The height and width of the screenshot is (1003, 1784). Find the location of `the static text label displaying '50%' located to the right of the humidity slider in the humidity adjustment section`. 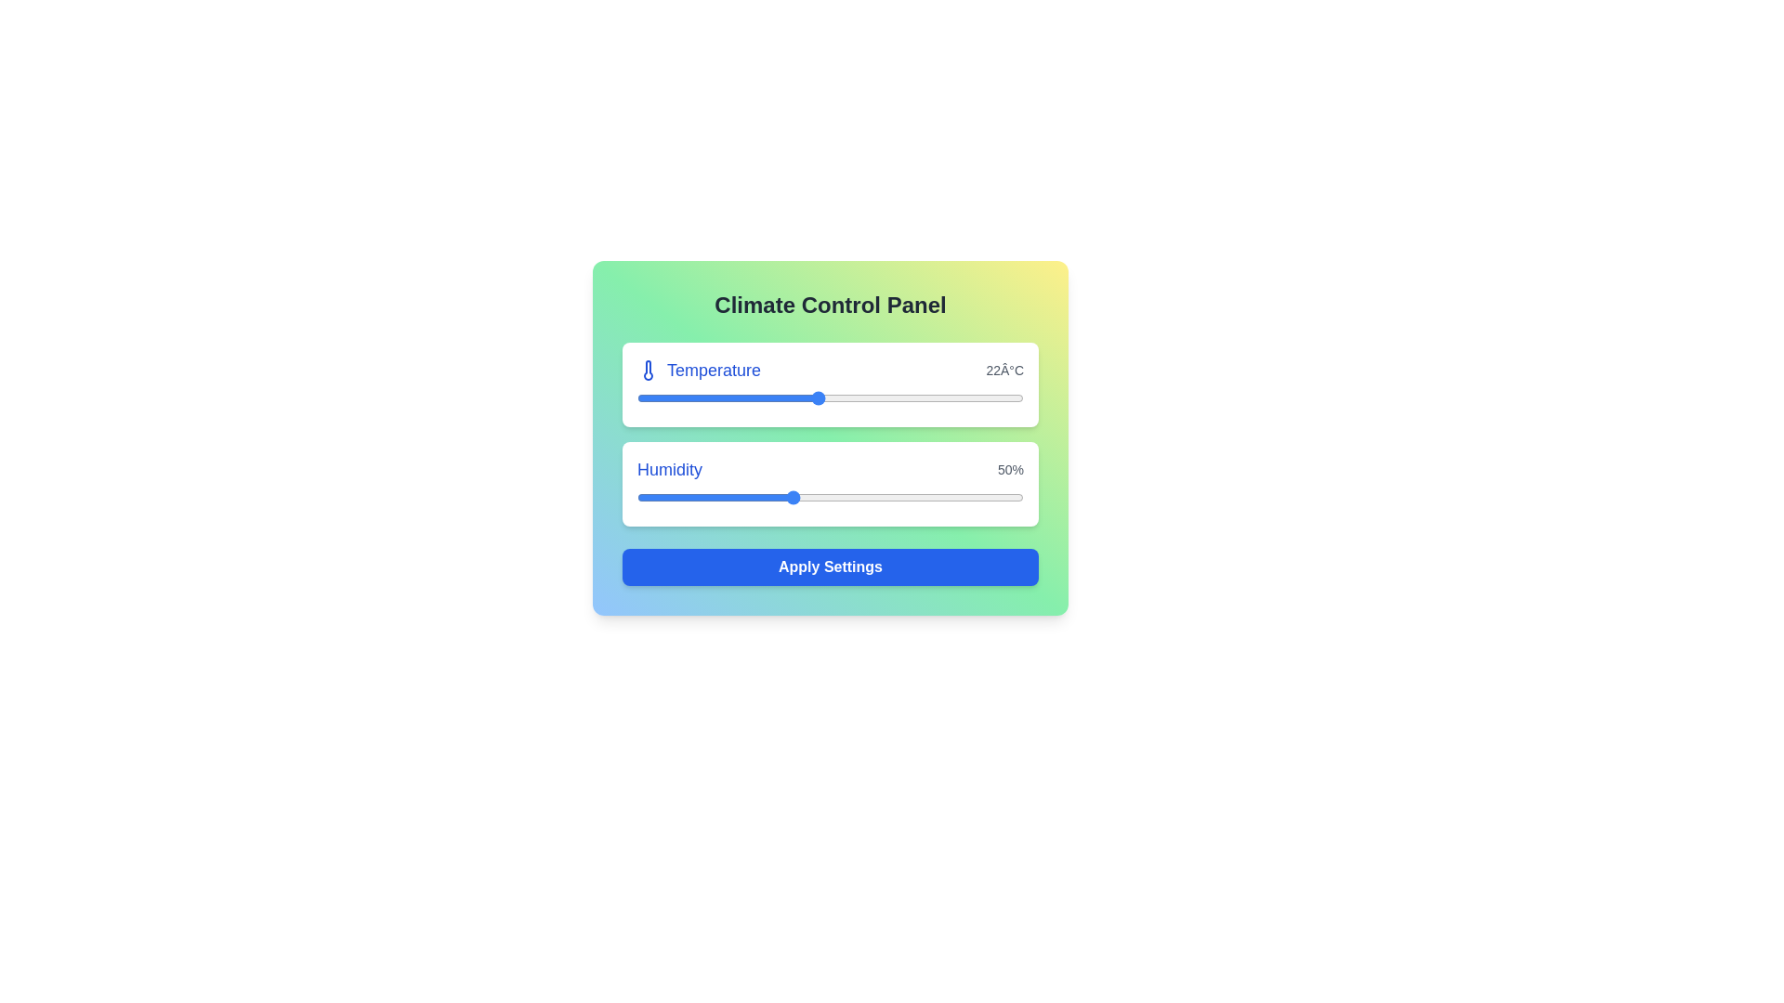

the static text label displaying '50%' located to the right of the humidity slider in the humidity adjustment section is located at coordinates (1010, 468).